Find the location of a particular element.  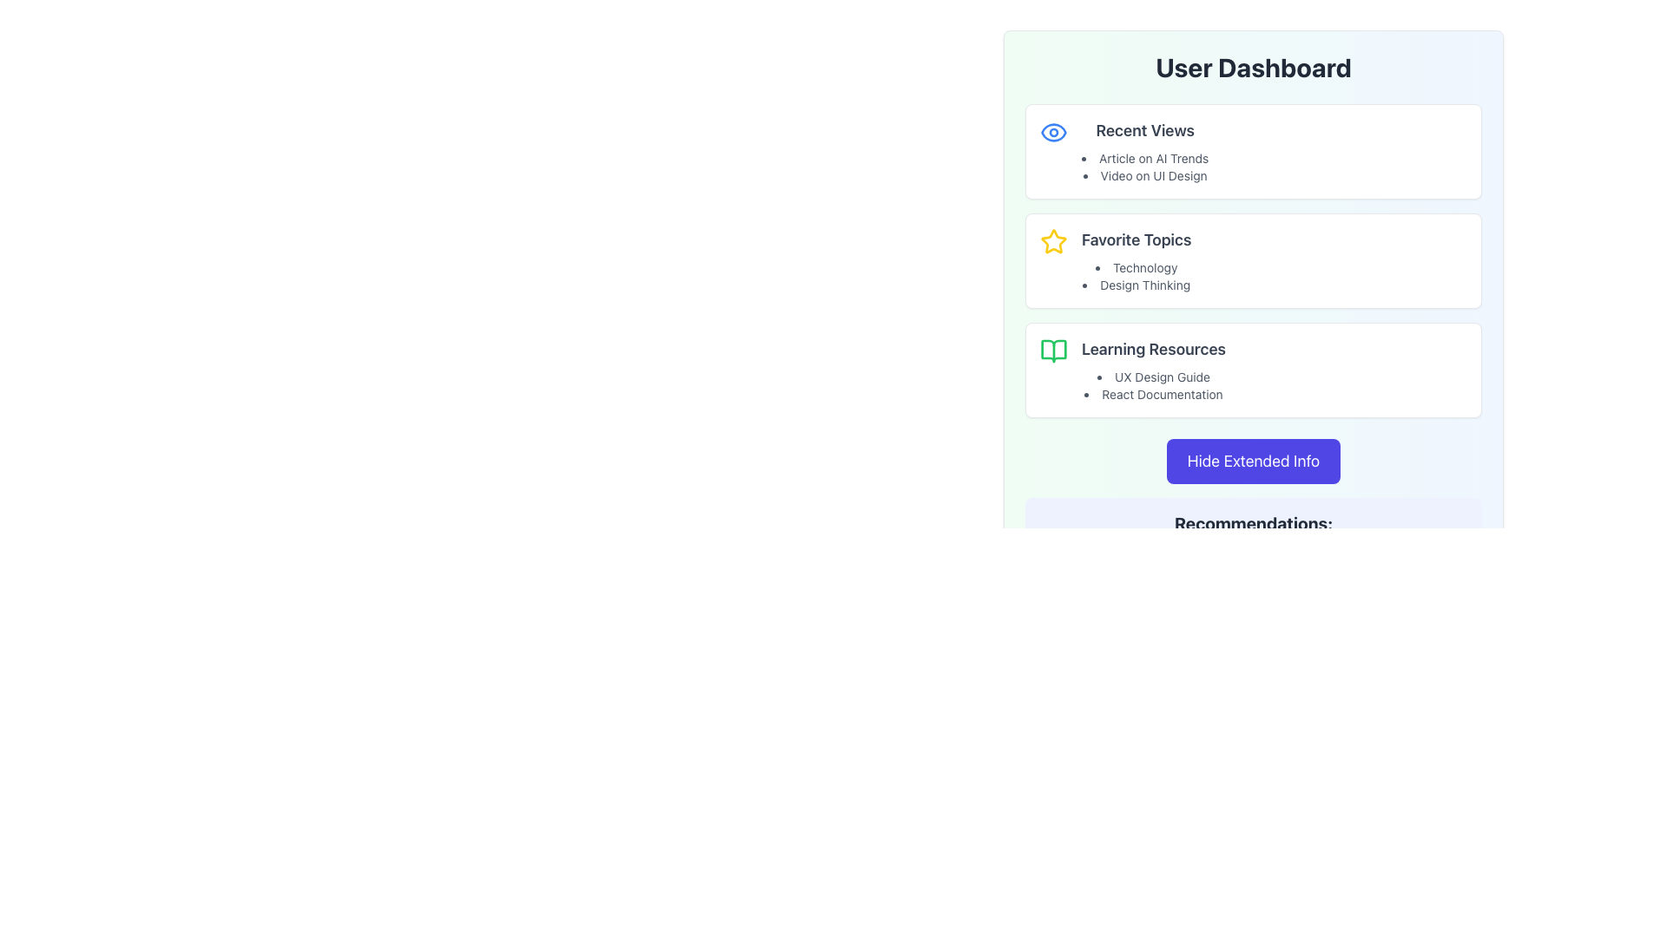

the text label displaying 'Video on UI Design', which is the second item in the 'Recent Views' list on the user dashboard is located at coordinates (1145, 176).